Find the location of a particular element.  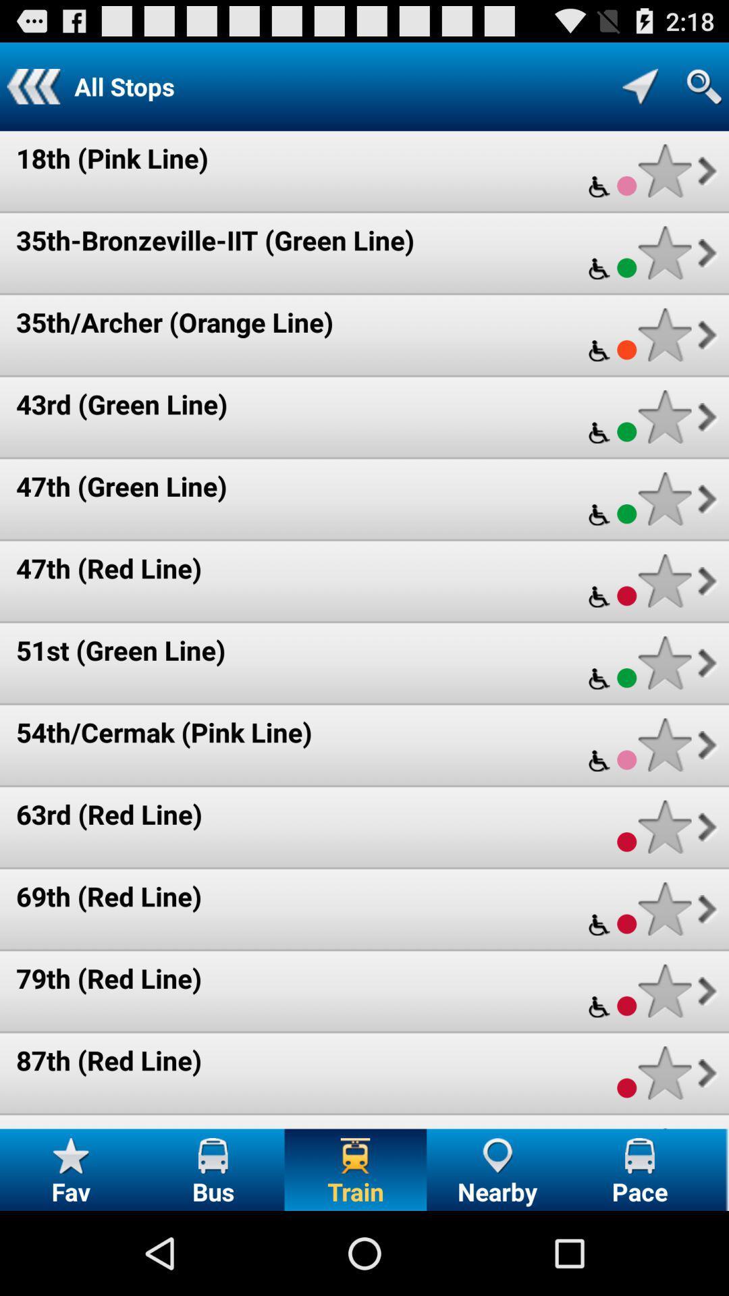

to favorities is located at coordinates (664, 909).